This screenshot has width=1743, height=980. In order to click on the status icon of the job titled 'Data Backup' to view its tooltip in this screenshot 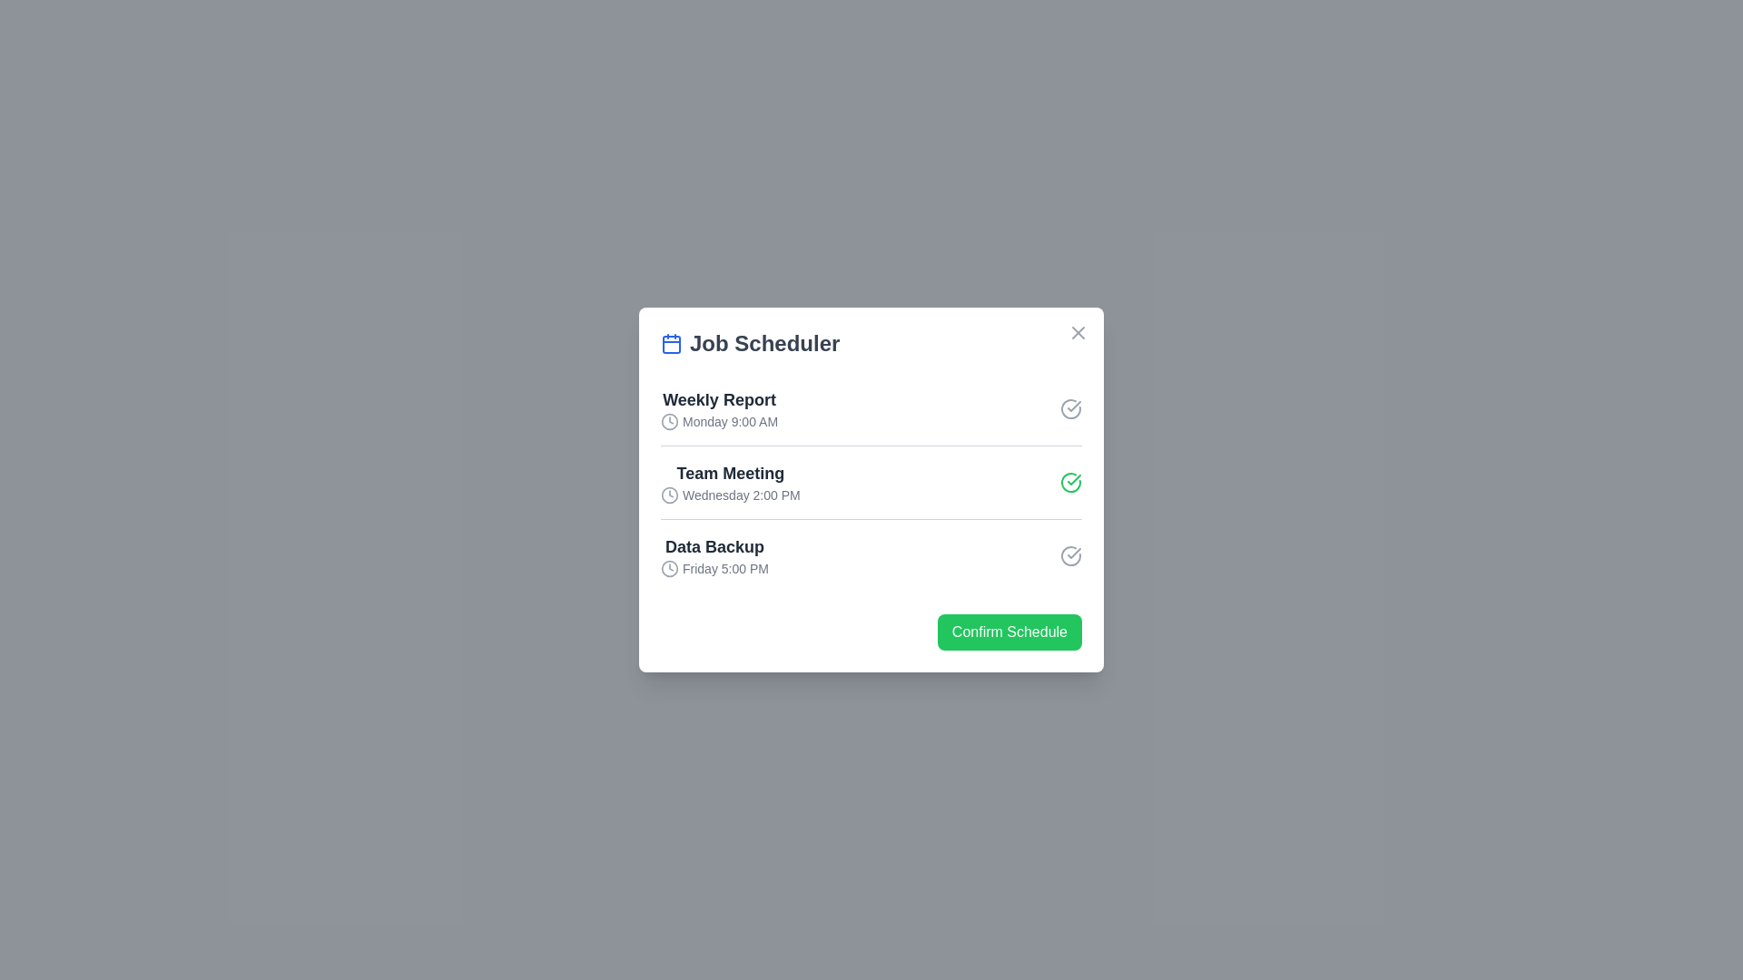, I will do `click(1071, 555)`.